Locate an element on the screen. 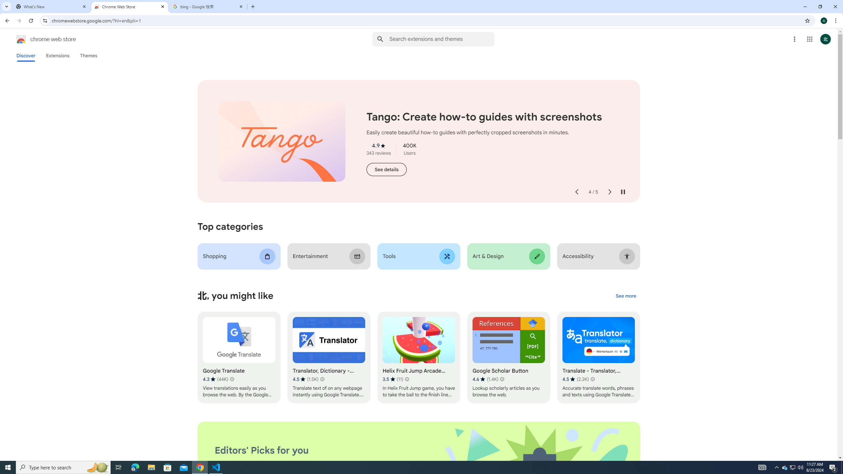  'Chrome Web Store' is located at coordinates (130, 6).